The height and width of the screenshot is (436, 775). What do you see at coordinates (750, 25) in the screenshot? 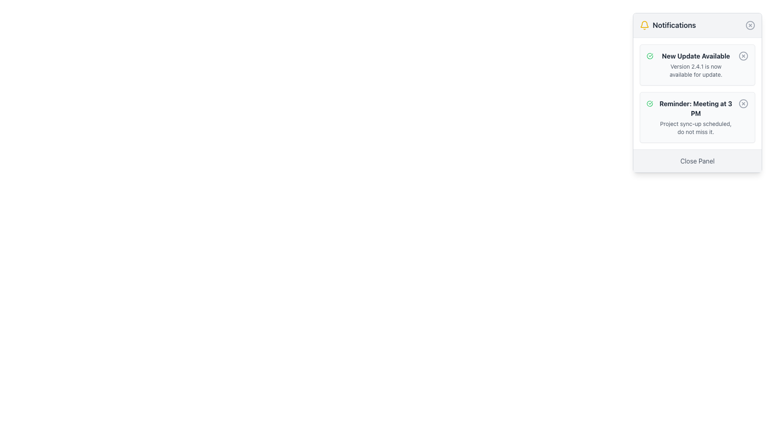
I see `the close button icon, which is a gray circular icon with a cross inside, located at the top-right corner of the notification panel, next to the 'Notifications' title` at bounding box center [750, 25].